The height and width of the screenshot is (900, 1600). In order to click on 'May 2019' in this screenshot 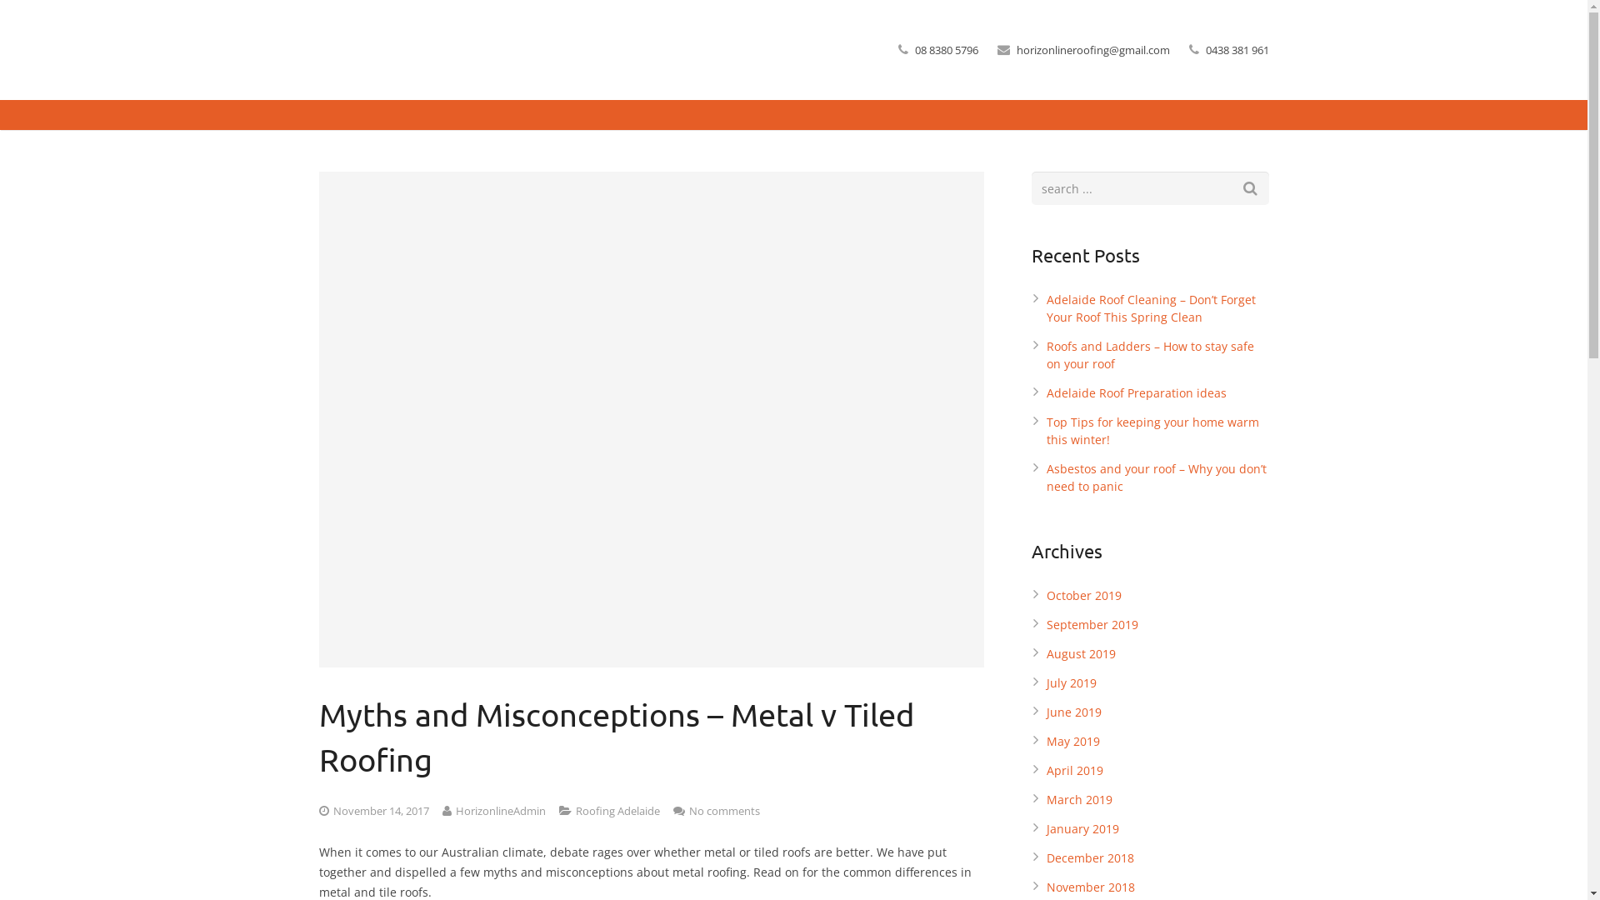, I will do `click(1072, 740)`.